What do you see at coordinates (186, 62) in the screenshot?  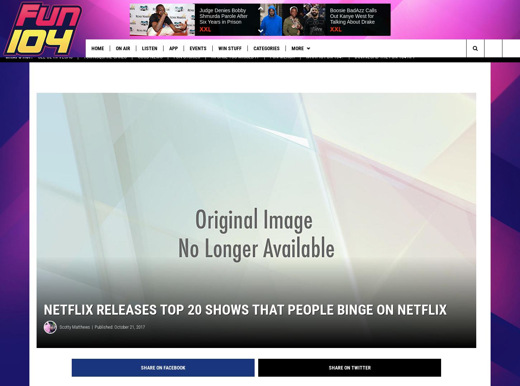 I see `'Fun Stories'` at bounding box center [186, 62].